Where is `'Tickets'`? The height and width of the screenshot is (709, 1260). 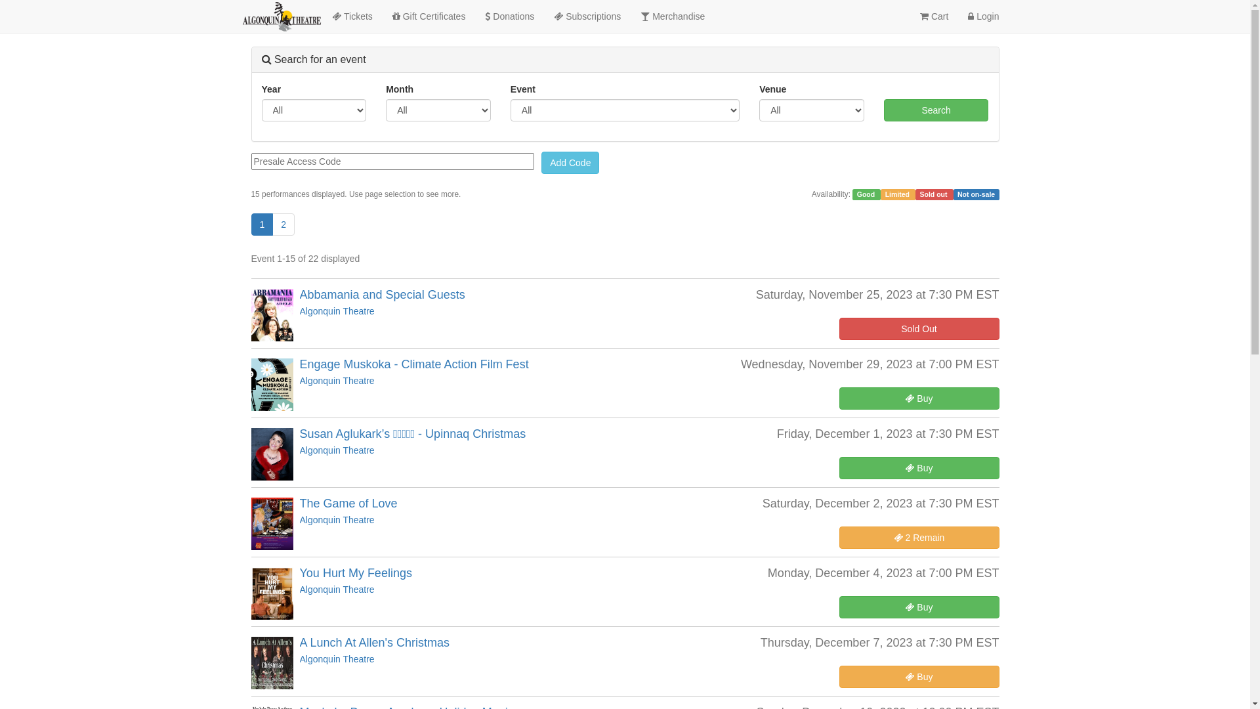 'Tickets' is located at coordinates (352, 16).